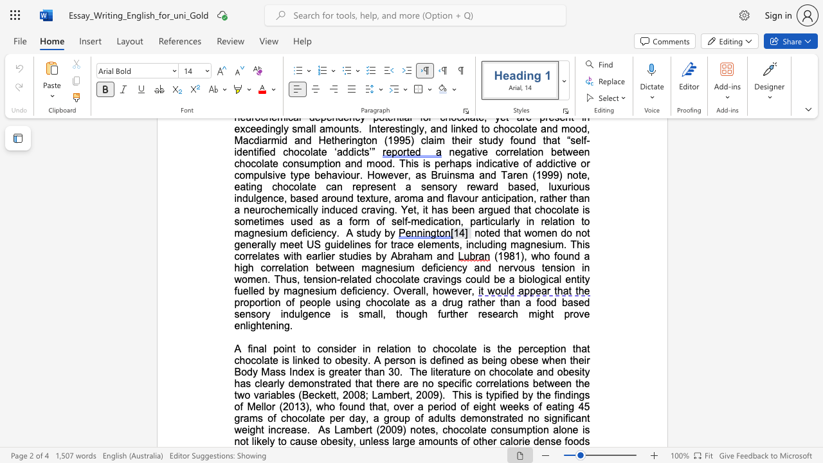 The height and width of the screenshot is (463, 823). I want to click on the subset text "ocolate consumption alone is not likely to cause obesity, unl" within the text "As Lambert (2009) notes, chocolate consumption alone is not likely to cause obesity, unless", so click(453, 430).